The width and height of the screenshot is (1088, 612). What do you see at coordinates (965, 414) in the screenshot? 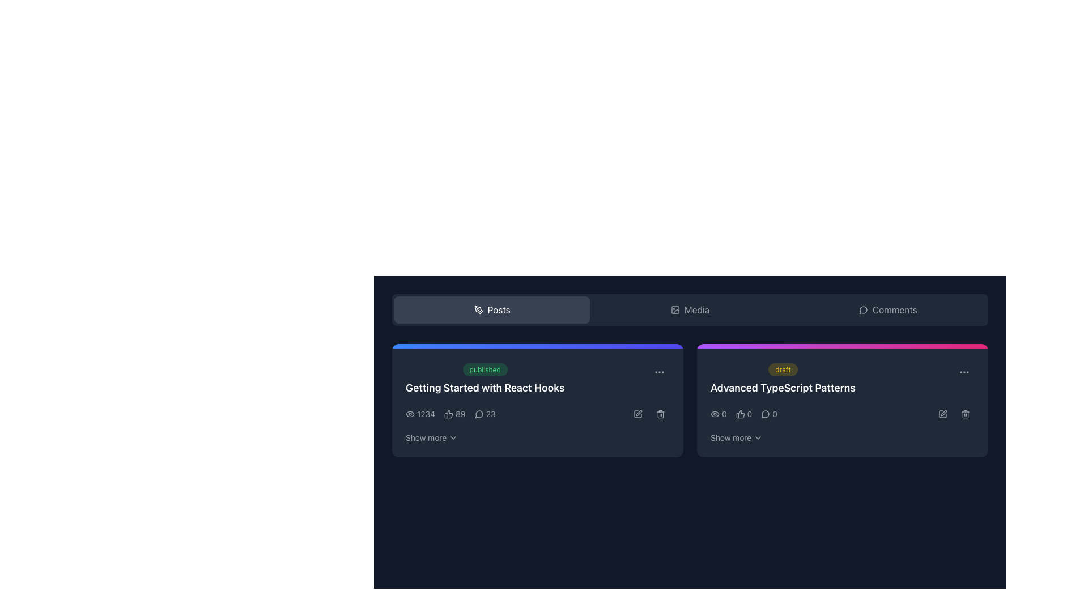
I see `the trash can icon button located in the bottom right corner of the 'Advanced TypeScript Patterns' card` at bounding box center [965, 414].